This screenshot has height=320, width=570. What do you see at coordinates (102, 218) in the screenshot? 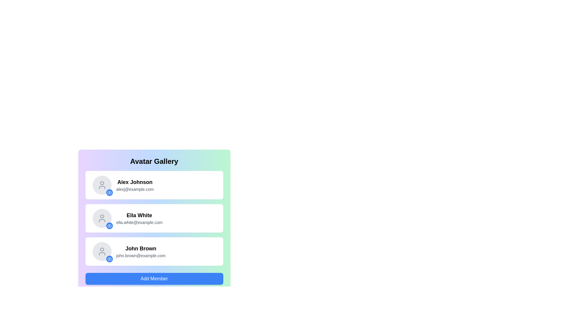
I see `the circular gray icon representing the user 'Ella White' in the Avatar Gallery panel` at bounding box center [102, 218].